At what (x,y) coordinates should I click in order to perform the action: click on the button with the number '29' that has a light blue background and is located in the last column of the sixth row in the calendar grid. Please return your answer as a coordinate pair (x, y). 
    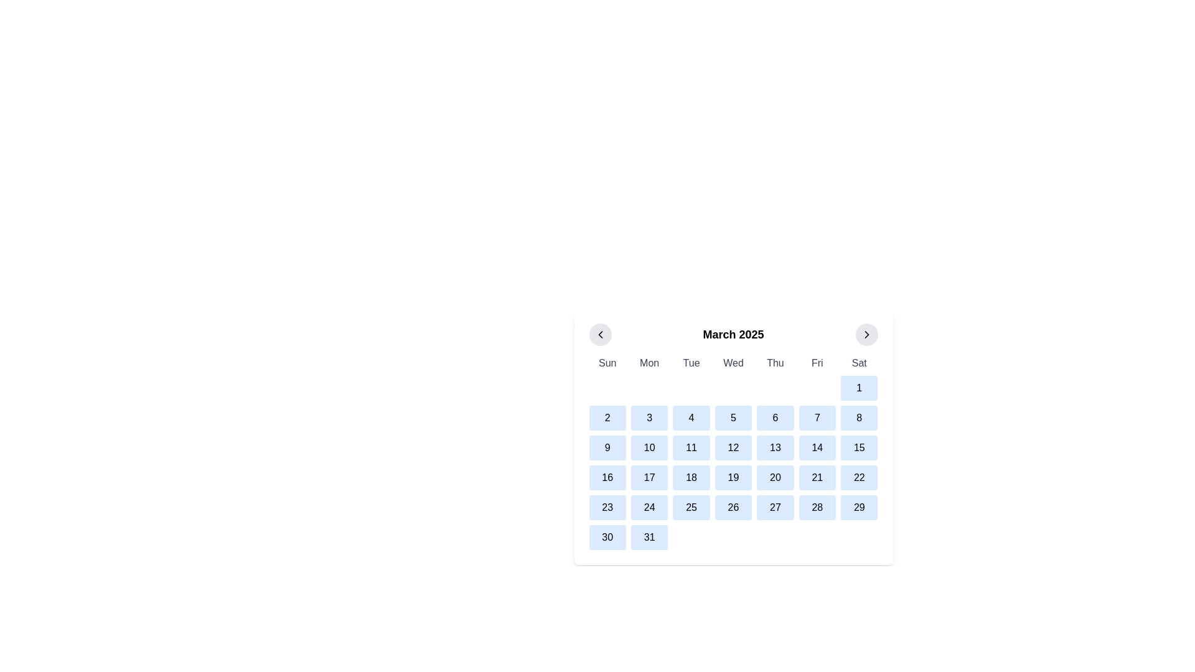
    Looking at the image, I should click on (858, 508).